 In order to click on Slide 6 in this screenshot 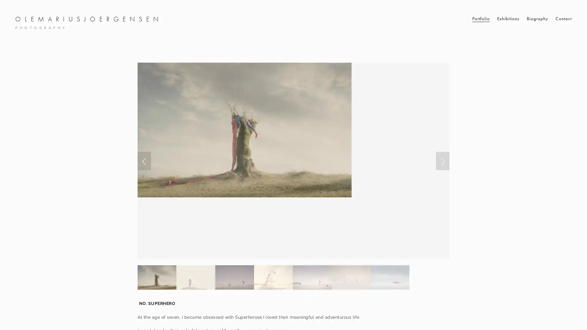, I will do `click(371, 277)`.